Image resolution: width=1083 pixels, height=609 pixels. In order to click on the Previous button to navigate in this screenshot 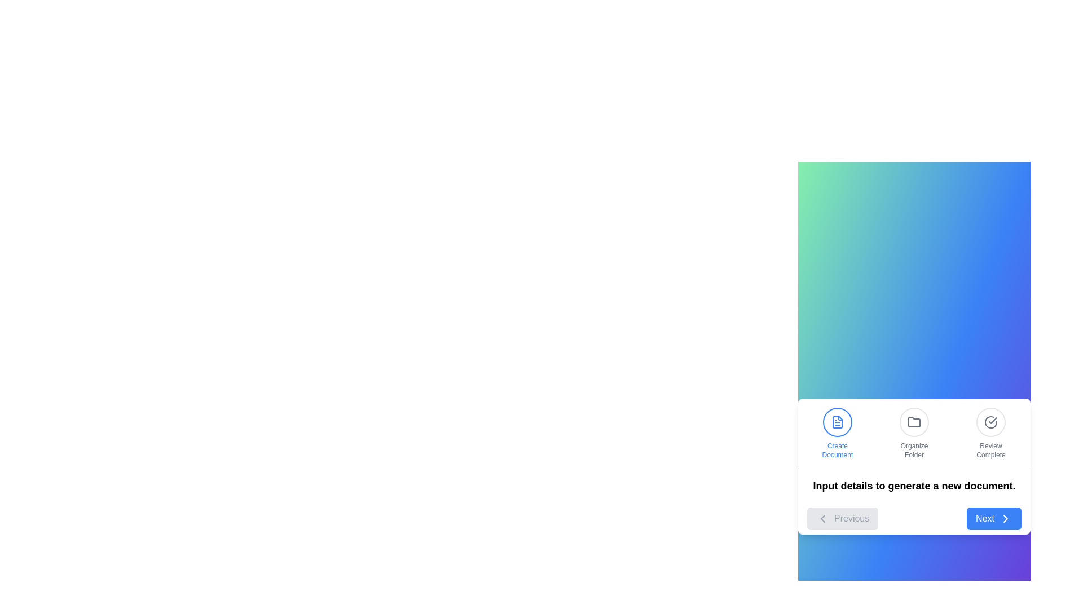, I will do `click(843, 518)`.